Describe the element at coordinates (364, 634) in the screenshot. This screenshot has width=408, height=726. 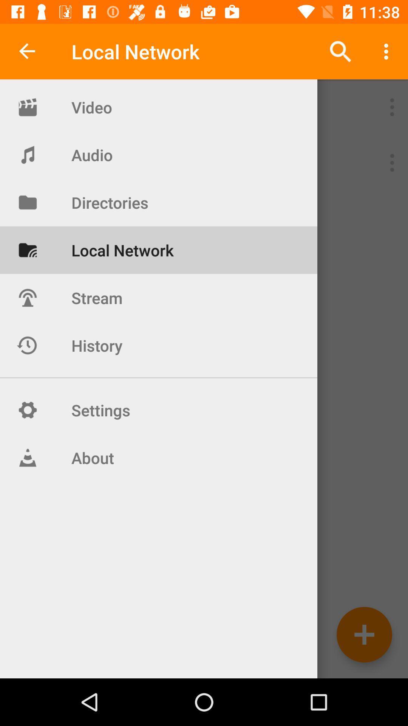
I see `the add icon` at that location.